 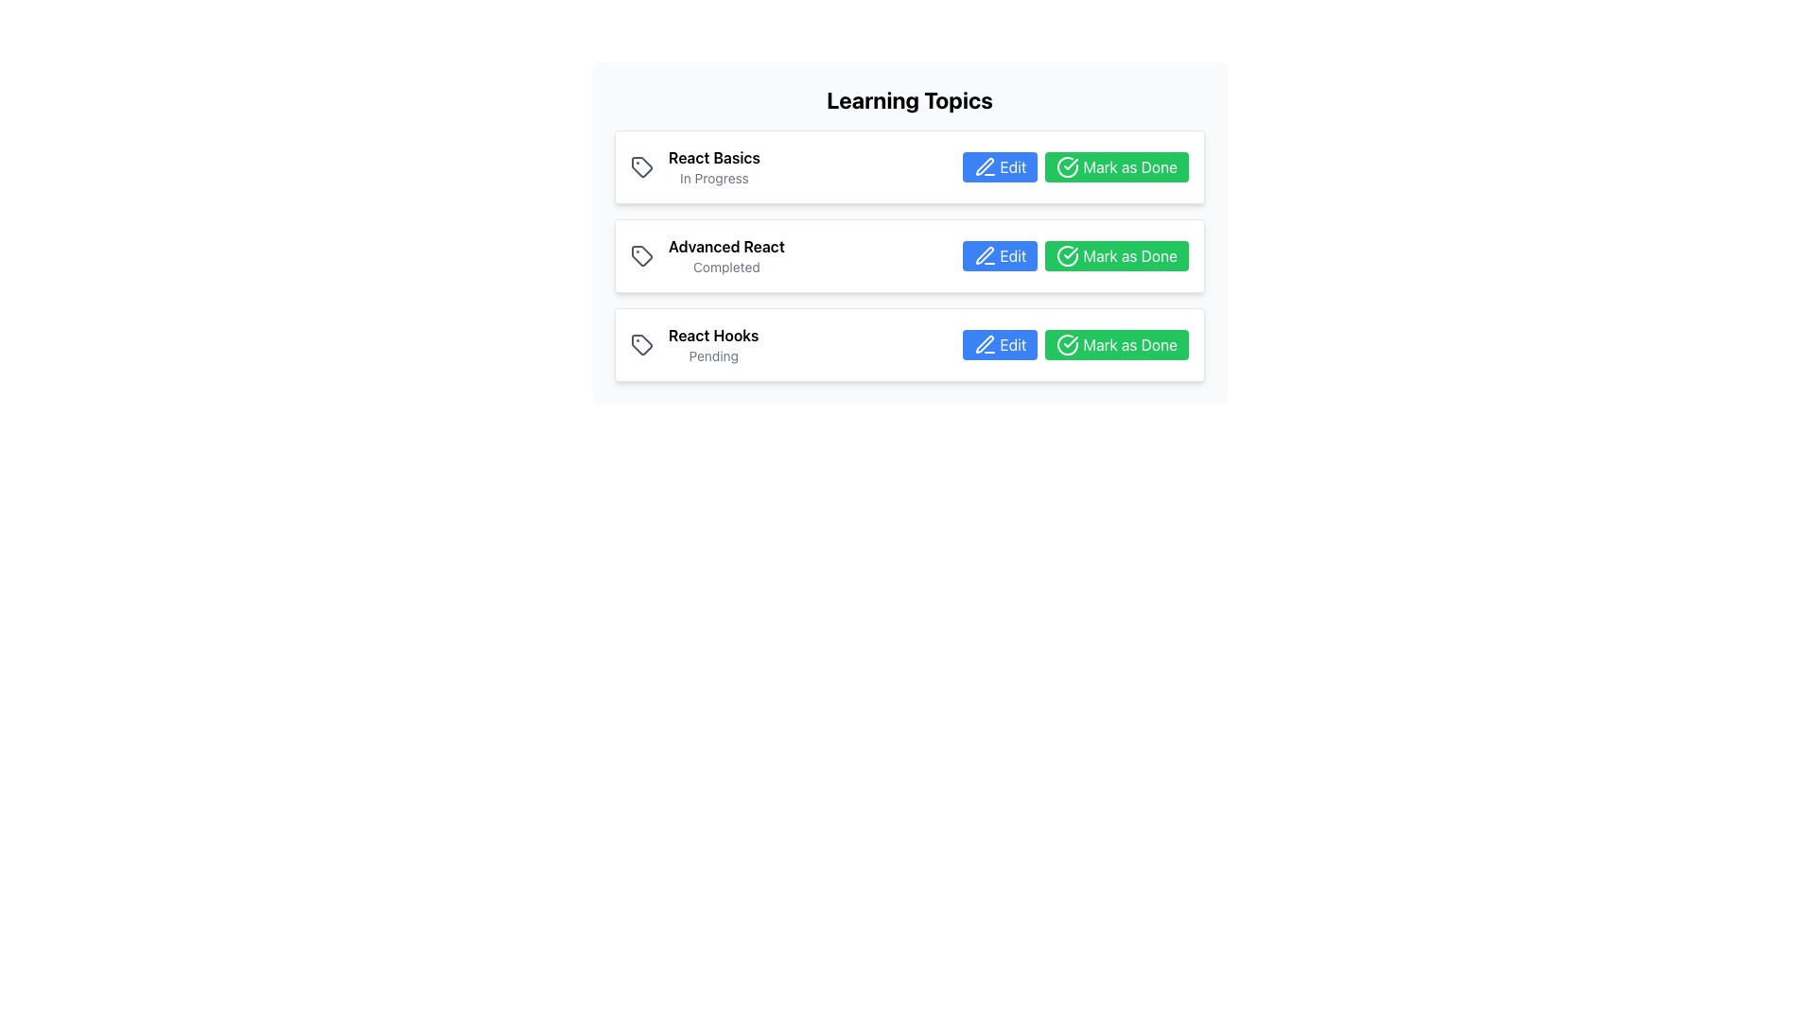 I want to click on the 'Mark as Done' button located in the button group beside the text 'React Hooks Pending' in the third item of the vertical list to mark the topic as completed, so click(x=1075, y=345).